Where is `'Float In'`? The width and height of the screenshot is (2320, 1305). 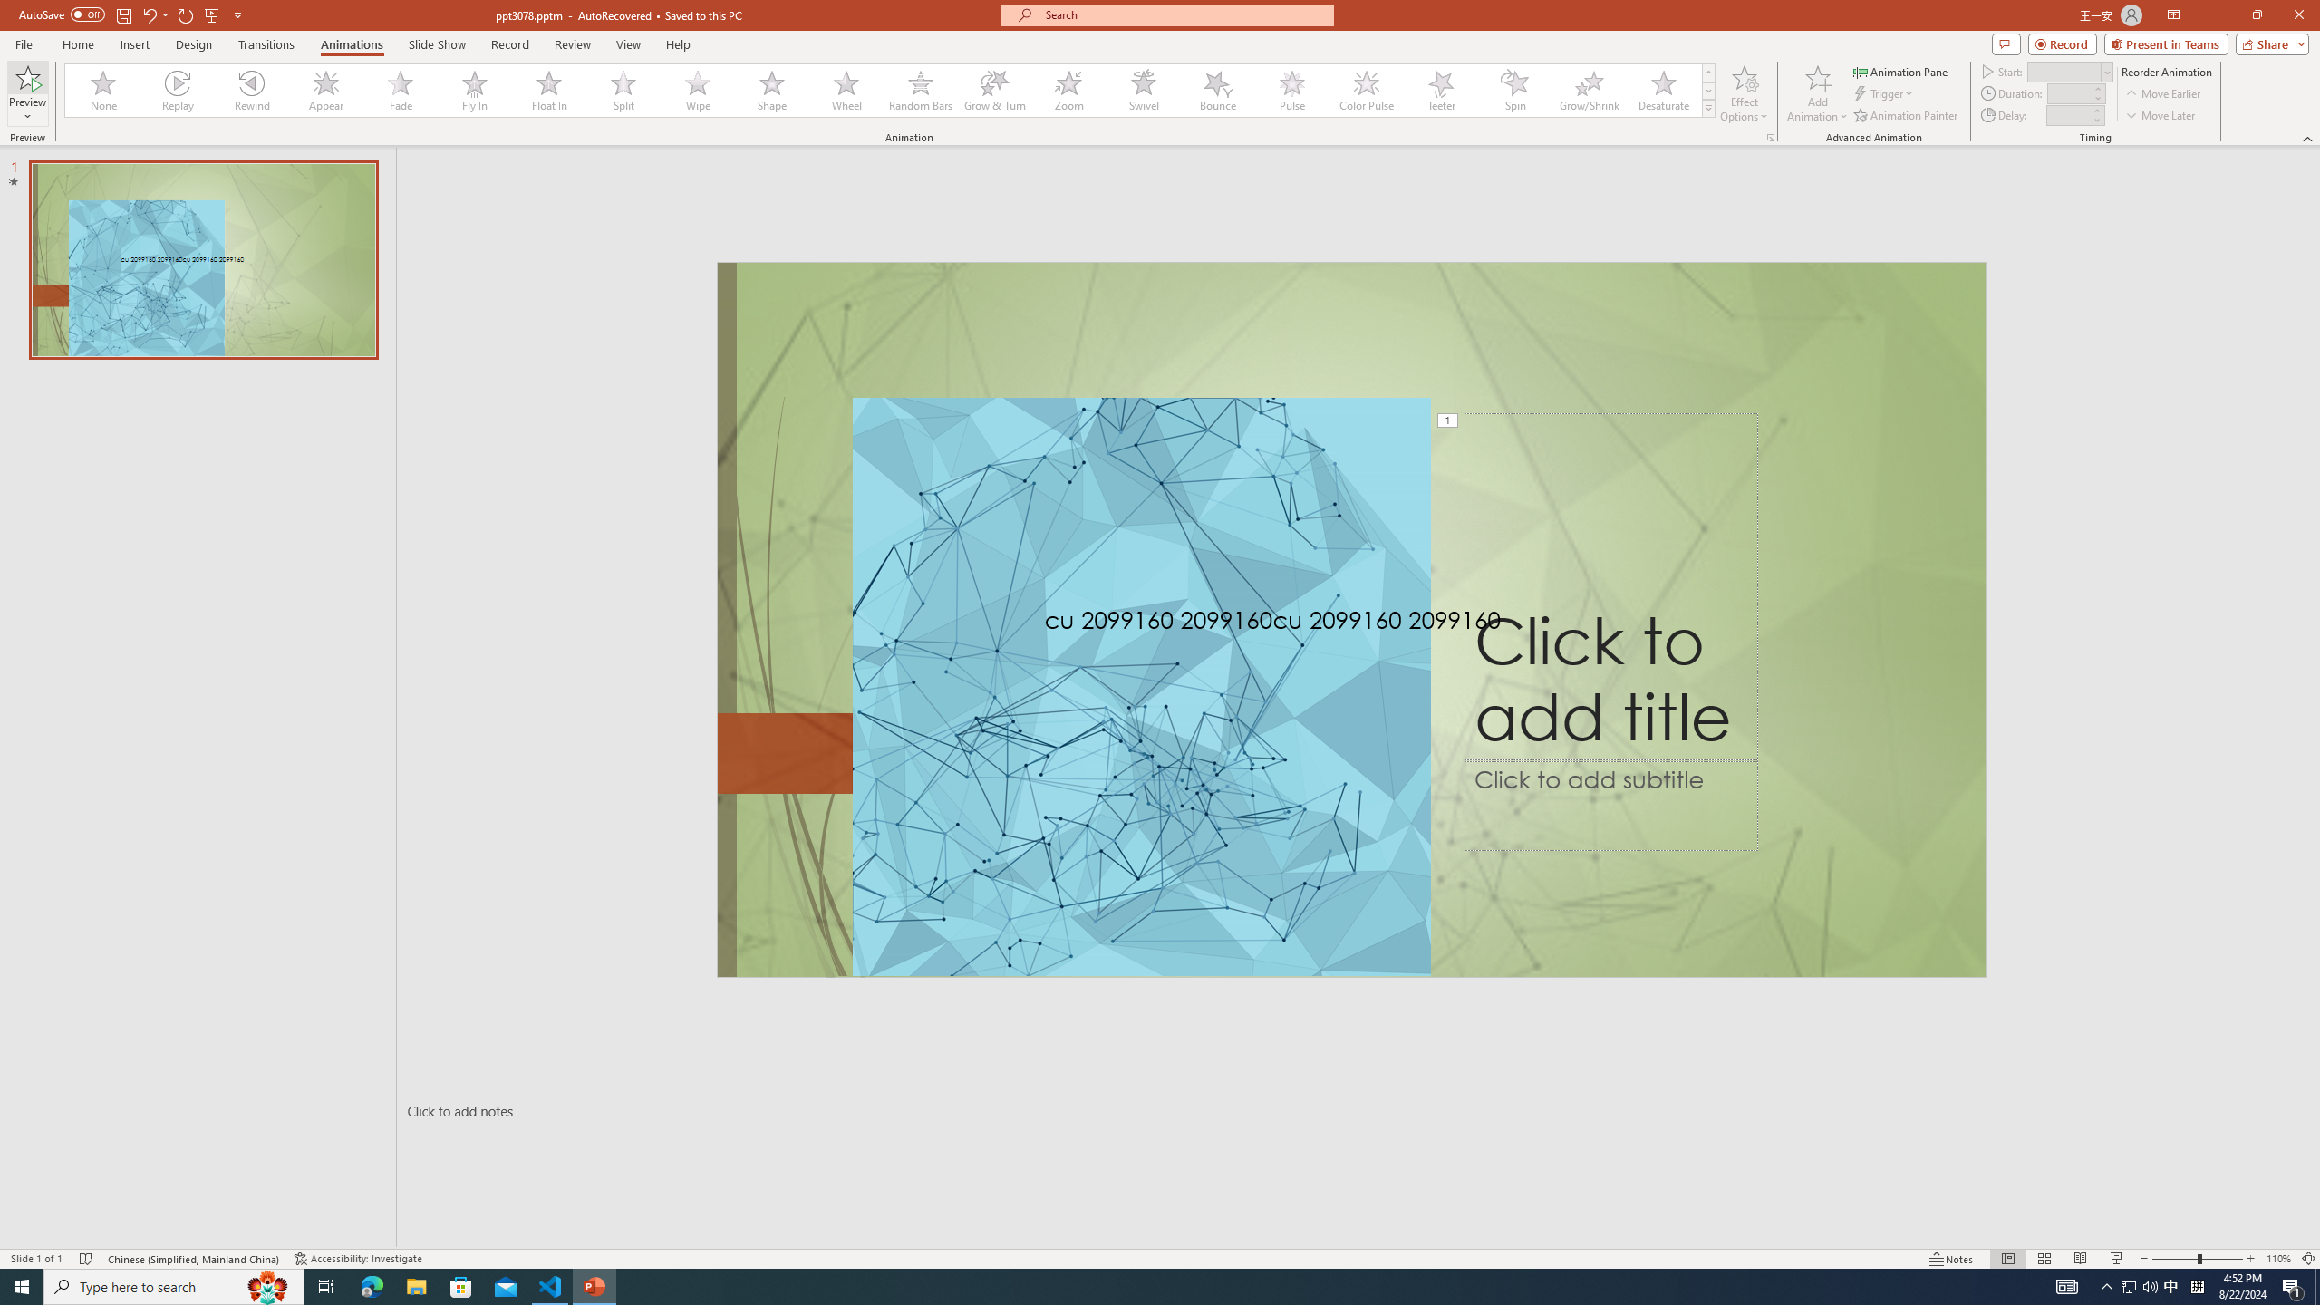
'Float In' is located at coordinates (549, 90).